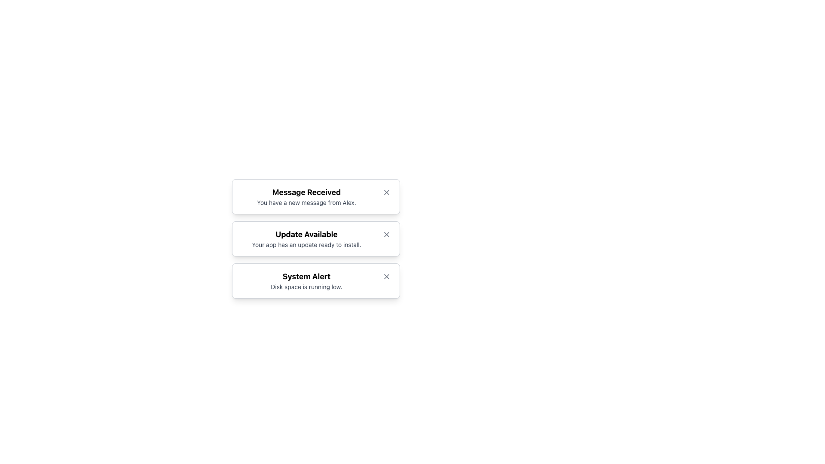 Image resolution: width=825 pixels, height=464 pixels. Describe the element at coordinates (386, 235) in the screenshot. I see `the close icon located at the top-right corner of the 'Update Available' alert dialog` at that location.